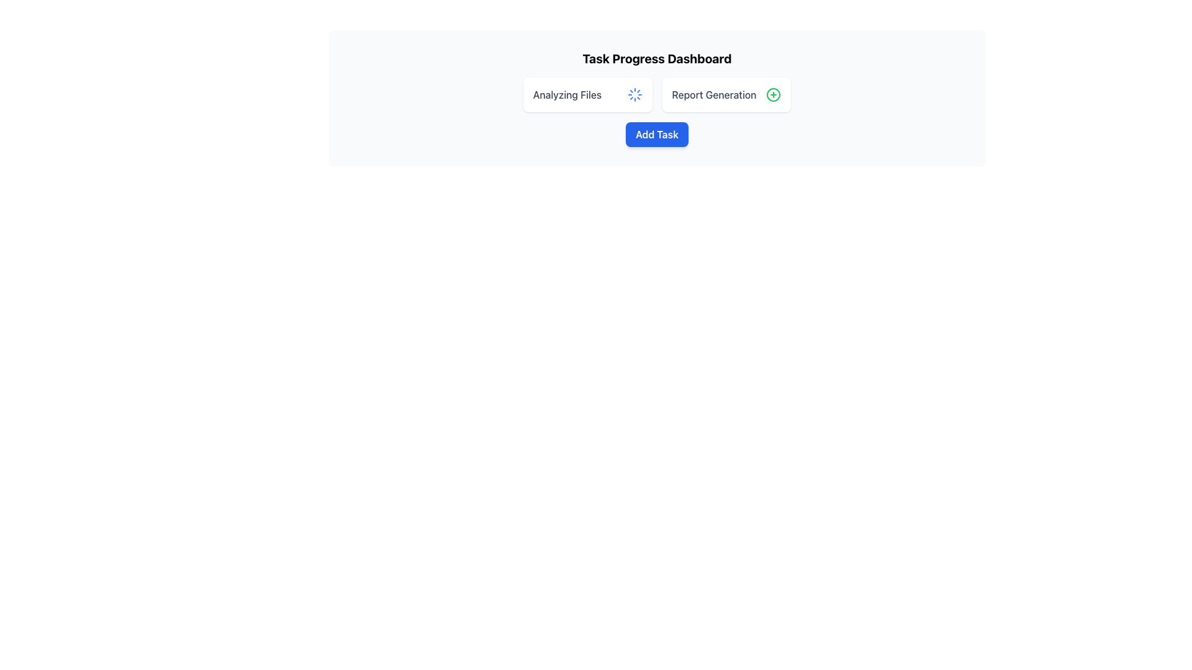 The height and width of the screenshot is (670, 1192). What do you see at coordinates (656, 134) in the screenshot?
I see `the 'Add Task' button, which is a rectangular button with rounded corners, blue background, and white bold text, located below the 'Analyzing Files' and 'Report Generation' sections` at bounding box center [656, 134].